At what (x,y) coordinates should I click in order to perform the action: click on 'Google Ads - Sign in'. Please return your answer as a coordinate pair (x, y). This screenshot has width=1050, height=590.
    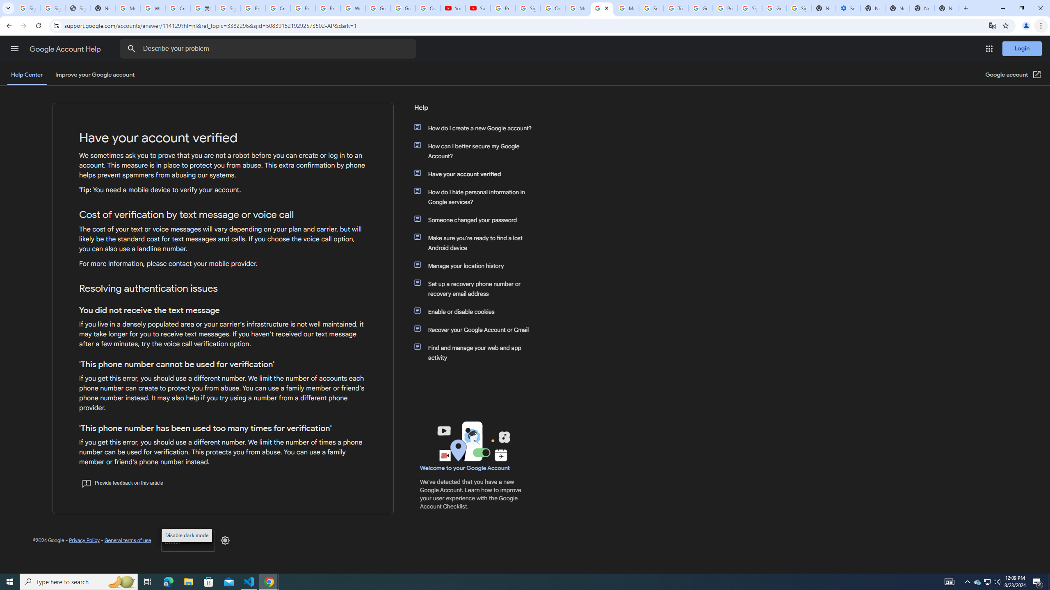
    Looking at the image, I should click on (700, 8).